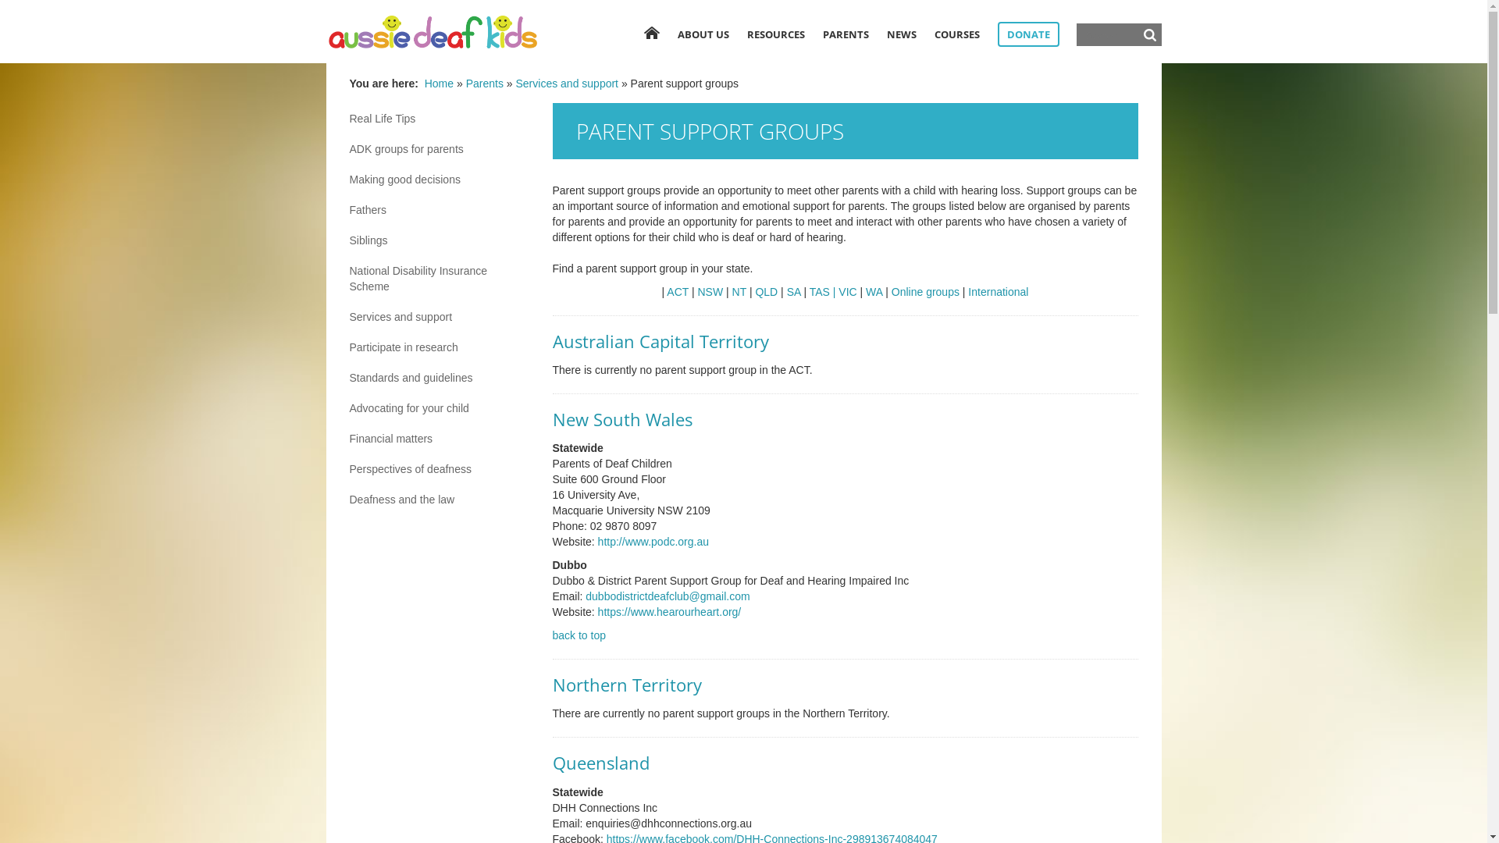 The height and width of the screenshot is (843, 1499). What do you see at coordinates (703, 34) in the screenshot?
I see `'ABOUT US'` at bounding box center [703, 34].